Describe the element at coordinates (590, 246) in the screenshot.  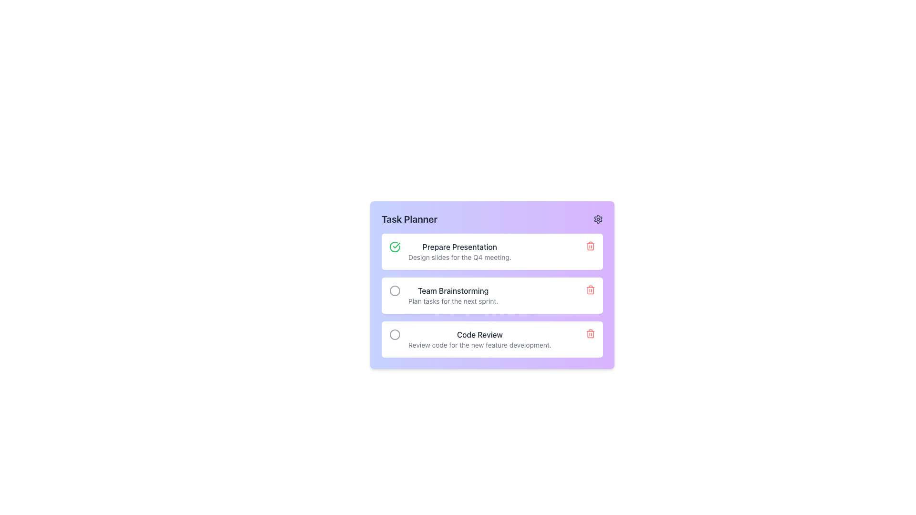
I see `the delete button icon resembling a trash can, which is located at the far right of the 'Prepare Presentation' task row` at that location.